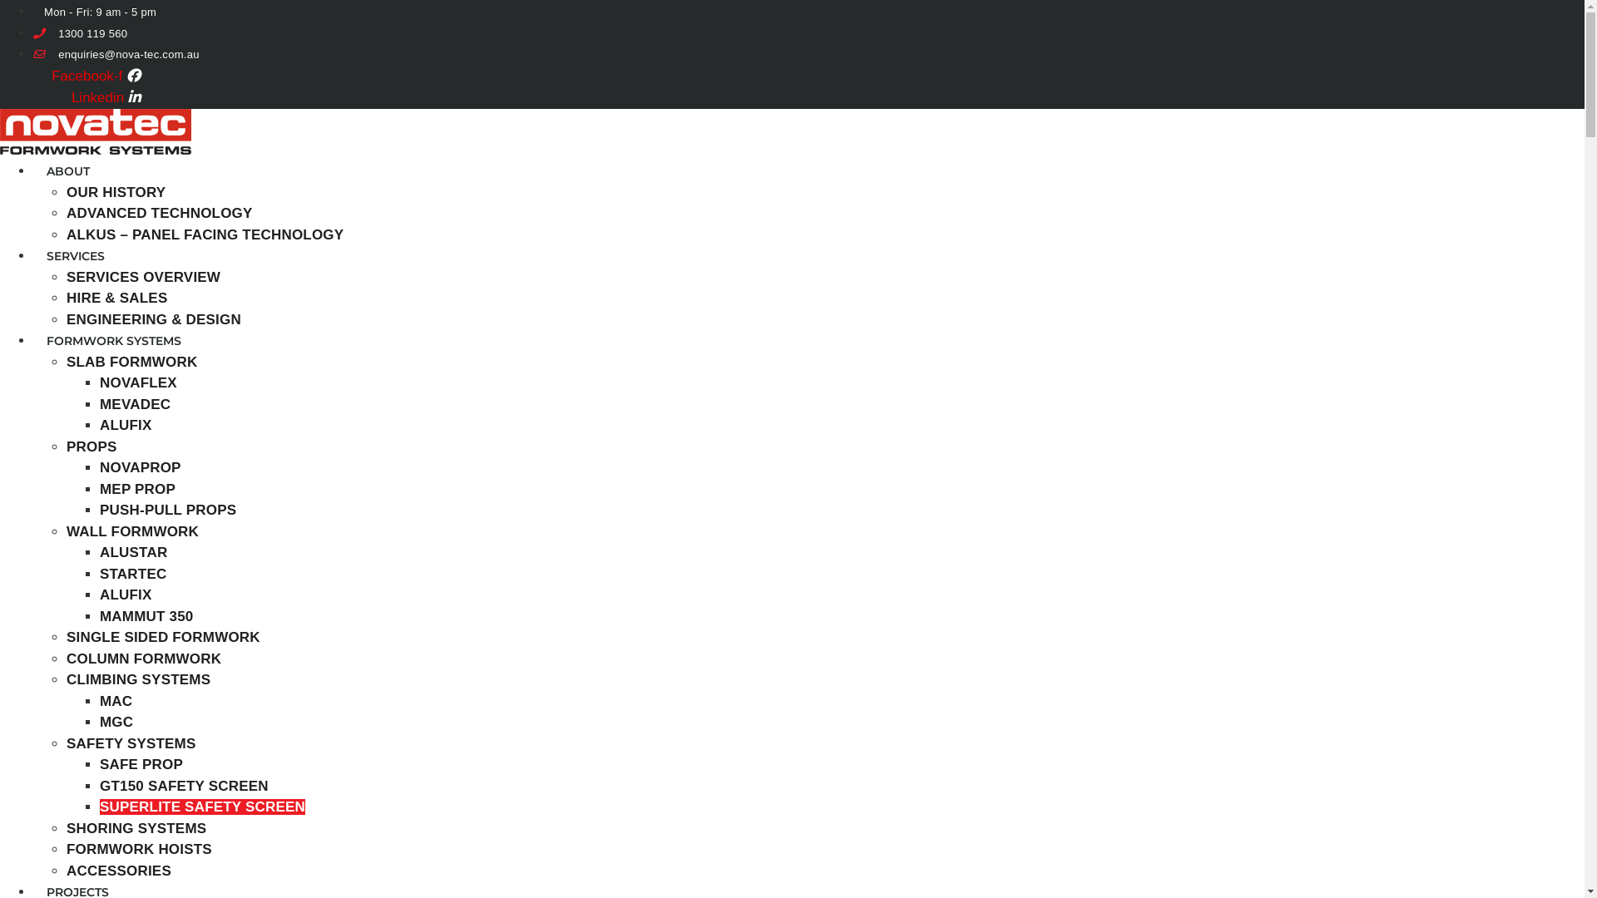 The image size is (1597, 898). Describe the element at coordinates (131, 531) in the screenshot. I see `'WALL FORMWORK'` at that location.